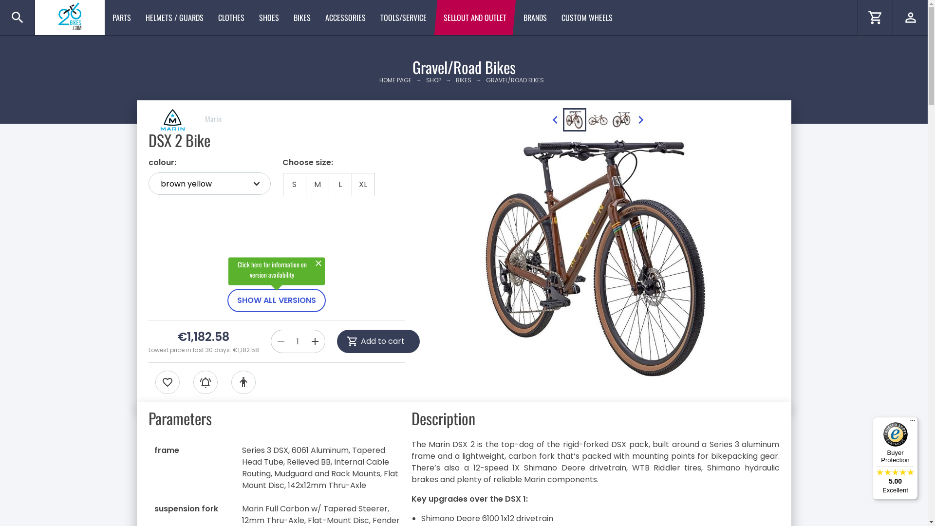 This screenshot has height=526, width=935. What do you see at coordinates (174, 17) in the screenshot?
I see `'HELMETS / GUARDS'` at bounding box center [174, 17].